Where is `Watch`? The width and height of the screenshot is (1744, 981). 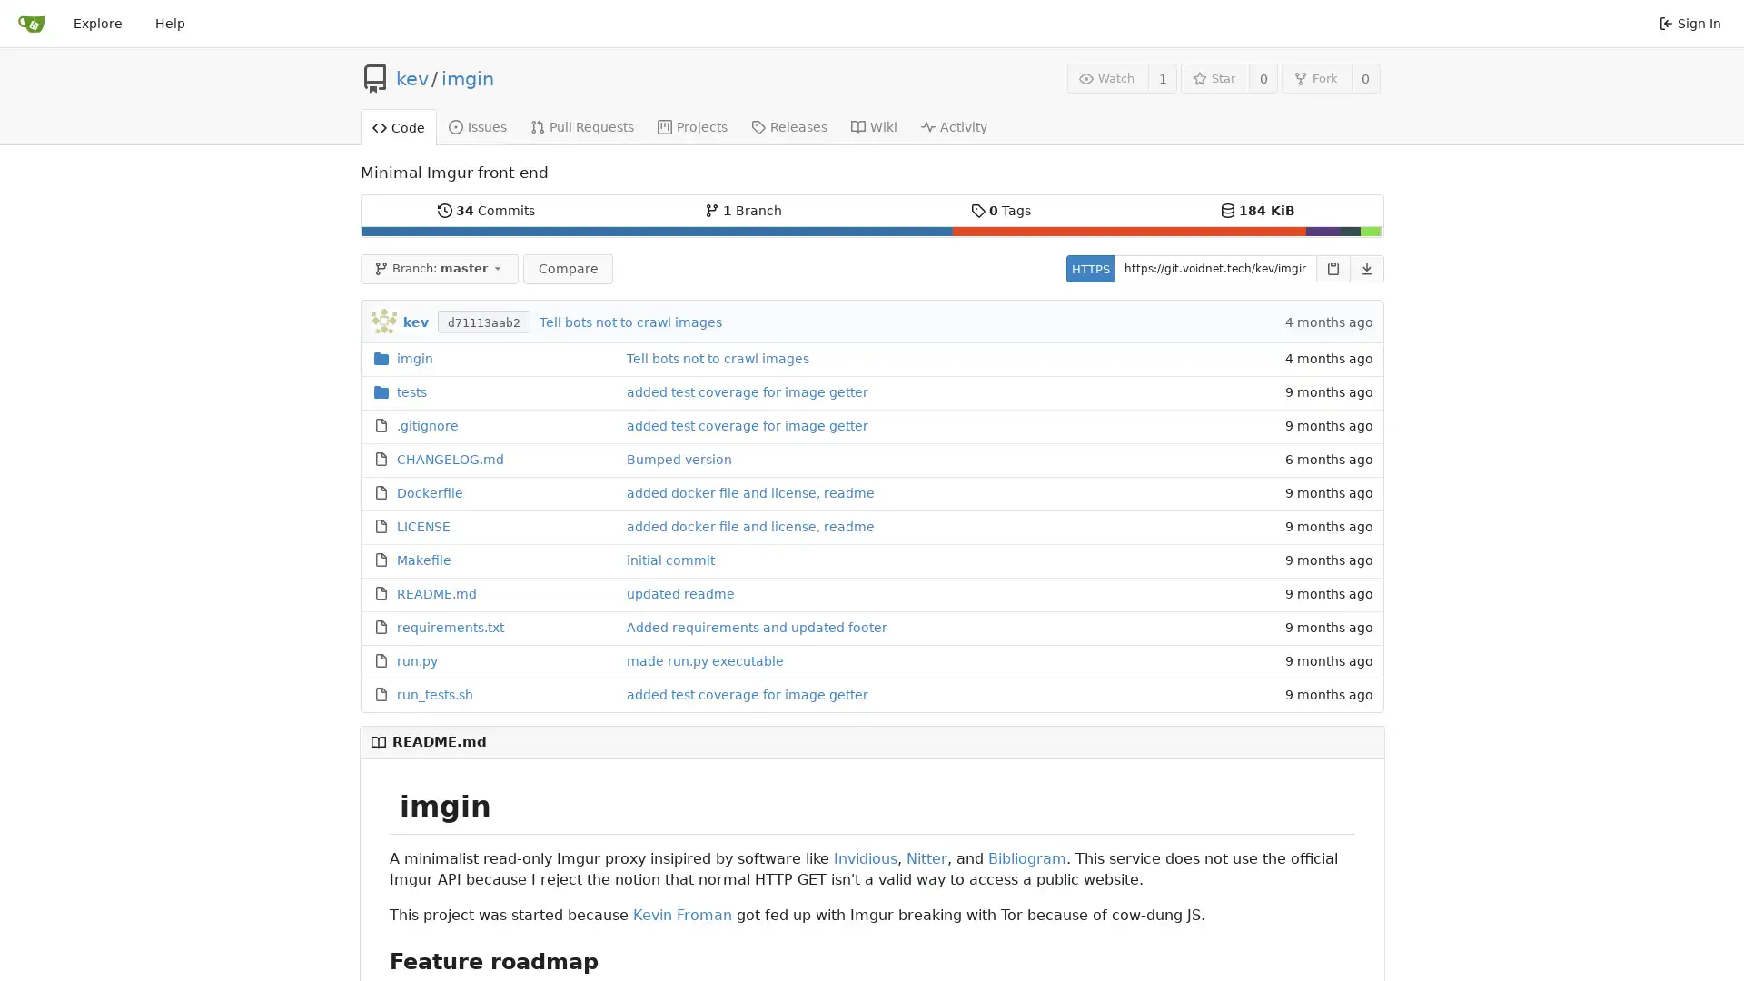
Watch is located at coordinates (1106, 77).